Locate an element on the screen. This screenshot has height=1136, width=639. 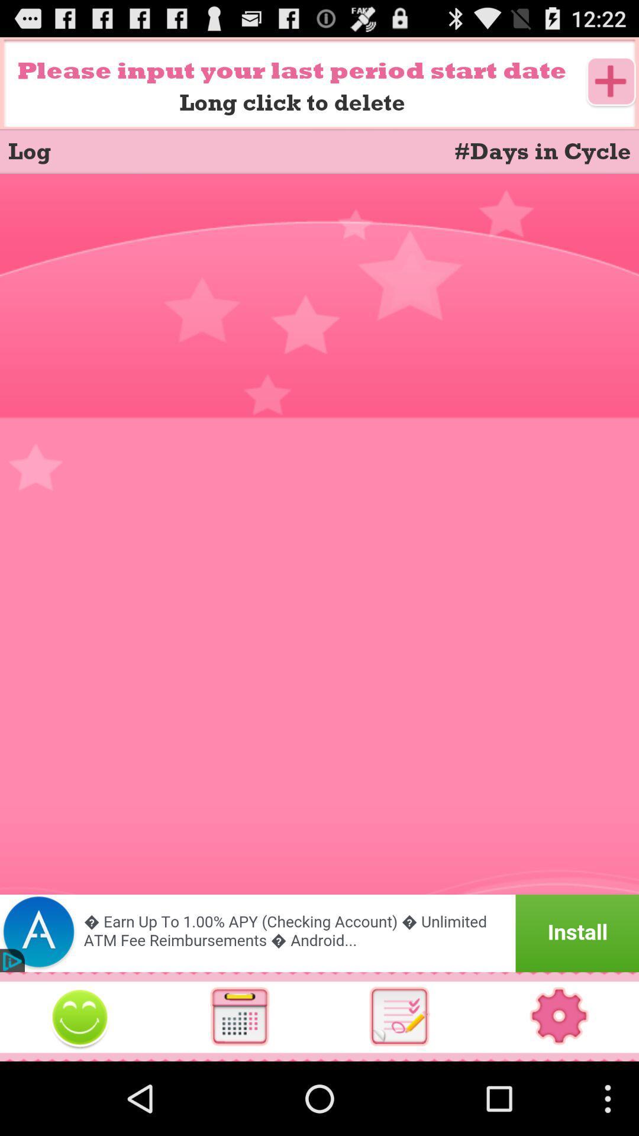
the add icon is located at coordinates (611, 88).